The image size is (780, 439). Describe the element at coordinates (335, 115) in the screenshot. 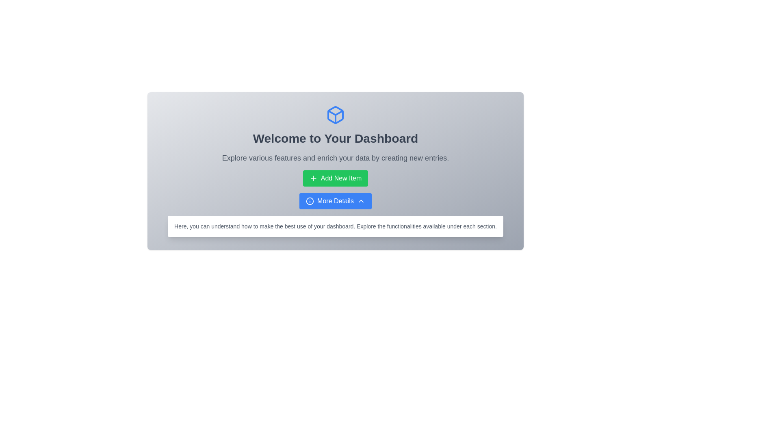

I see `the decorative branding icon located centrally above the 'Welcome to Your Dashboard' heading` at that location.